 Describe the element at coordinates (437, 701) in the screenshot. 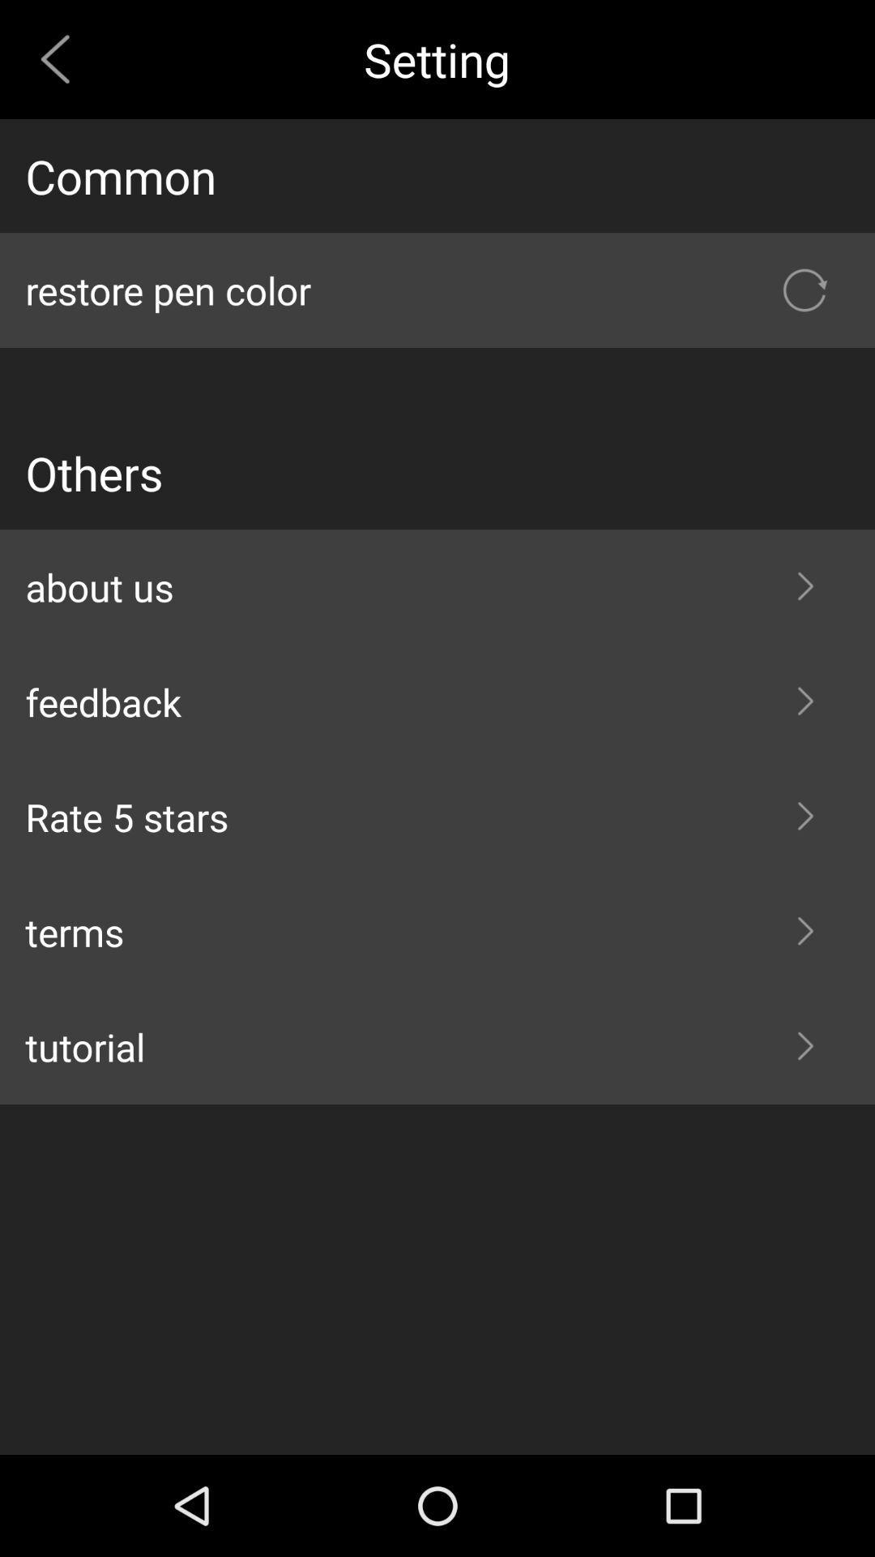

I see `the item above the rate 5 stars` at that location.